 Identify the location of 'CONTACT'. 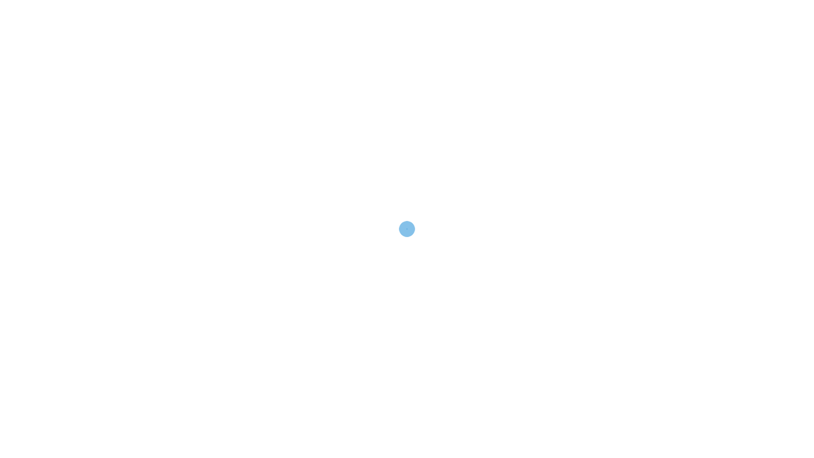
(498, 56).